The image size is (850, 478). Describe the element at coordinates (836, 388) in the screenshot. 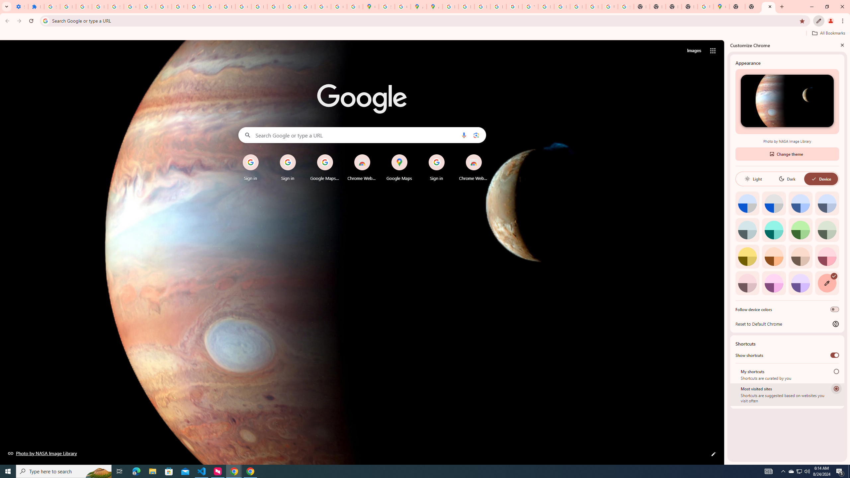

I see `'Most visited sites'` at that location.